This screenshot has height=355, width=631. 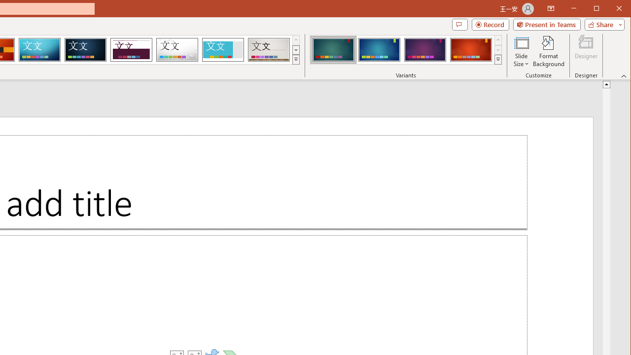 I want to click on 'Ion Variant 3', so click(x=425, y=49).